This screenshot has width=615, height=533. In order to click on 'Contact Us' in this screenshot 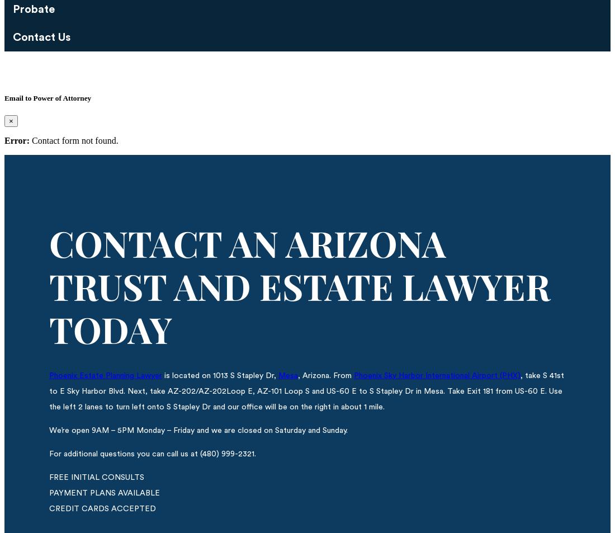, I will do `click(41, 36)`.